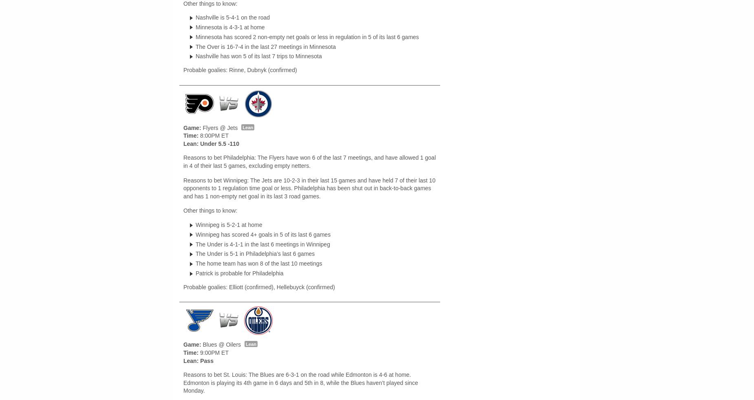  What do you see at coordinates (183, 360) in the screenshot?
I see `'Lean: Pass'` at bounding box center [183, 360].